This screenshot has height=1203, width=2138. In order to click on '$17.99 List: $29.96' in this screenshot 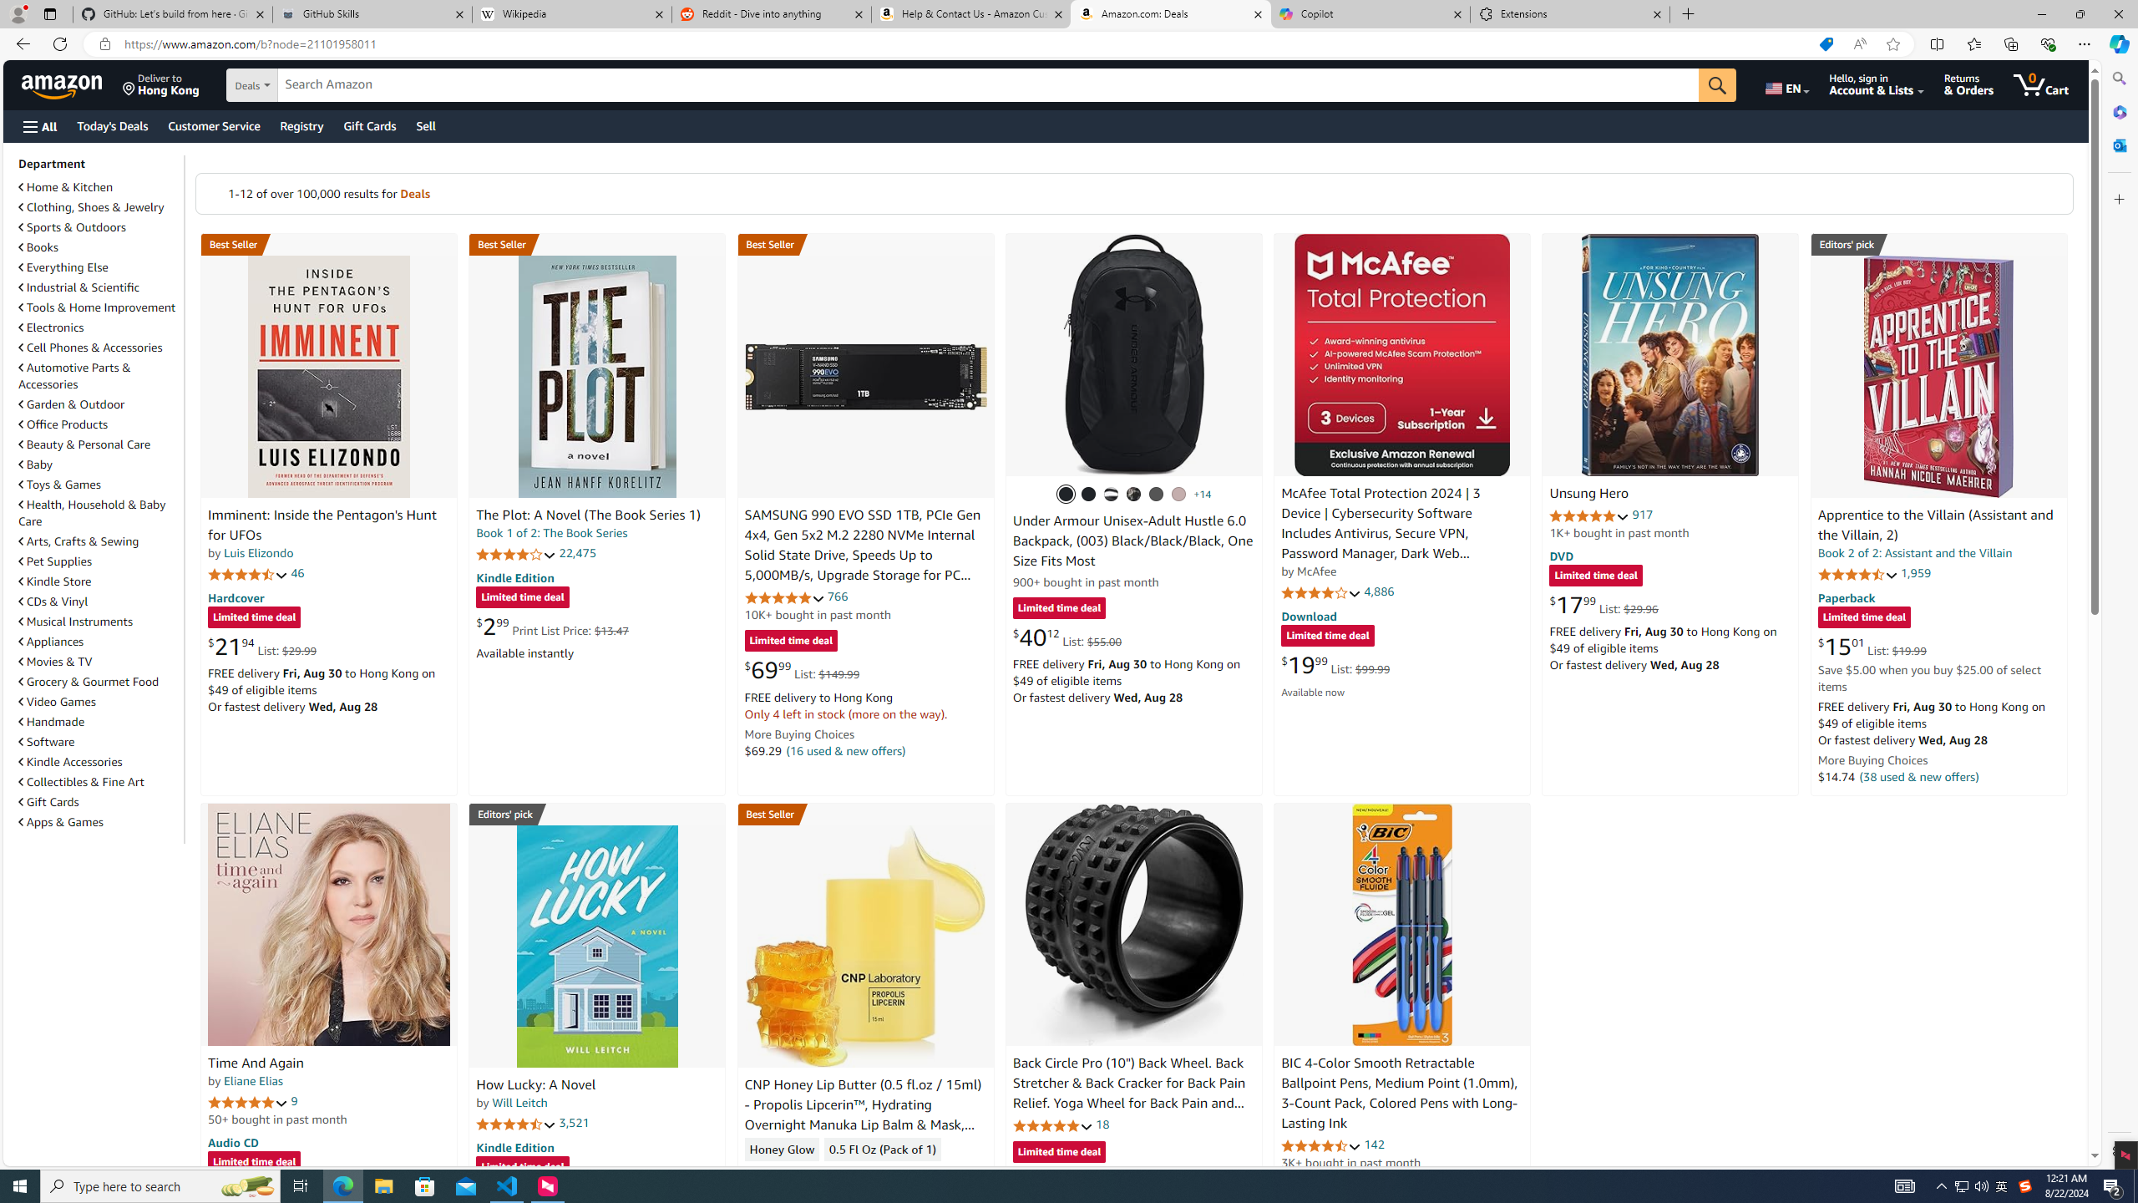, I will do `click(1603, 604)`.